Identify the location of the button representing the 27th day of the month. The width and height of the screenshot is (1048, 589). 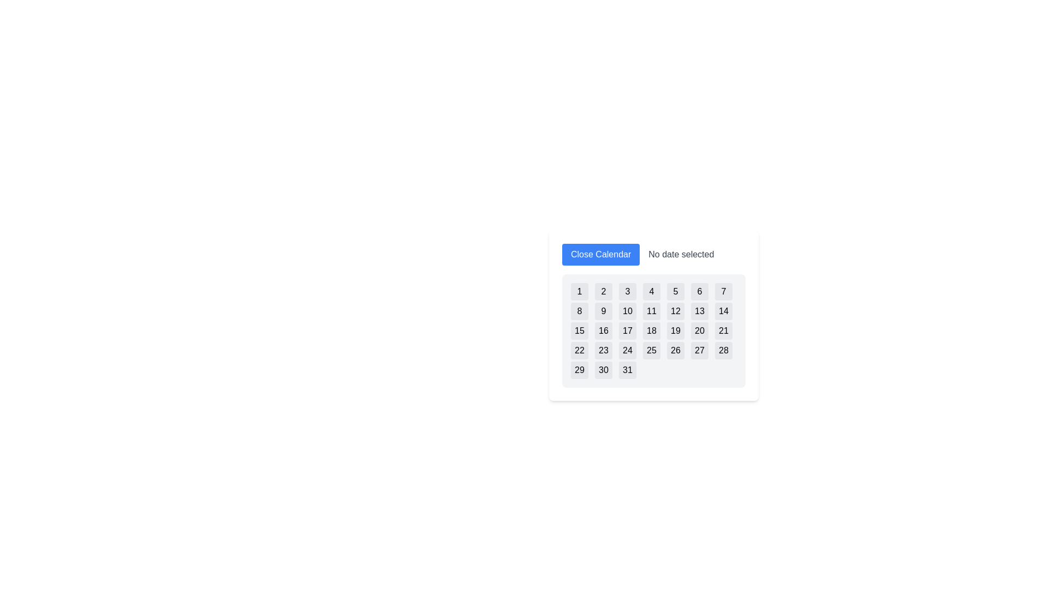
(699, 351).